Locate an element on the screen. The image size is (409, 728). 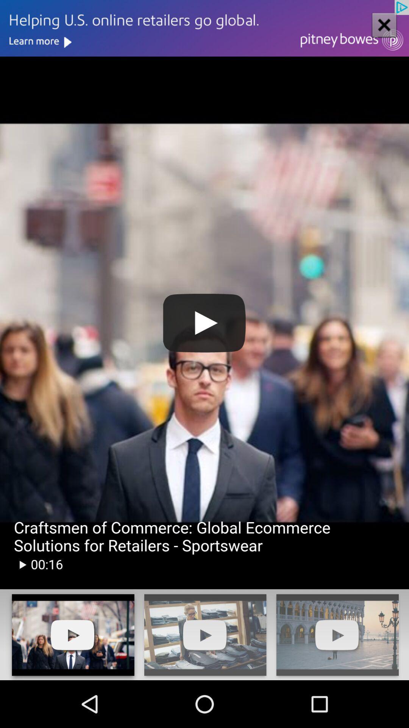
the close icon is located at coordinates (384, 27).